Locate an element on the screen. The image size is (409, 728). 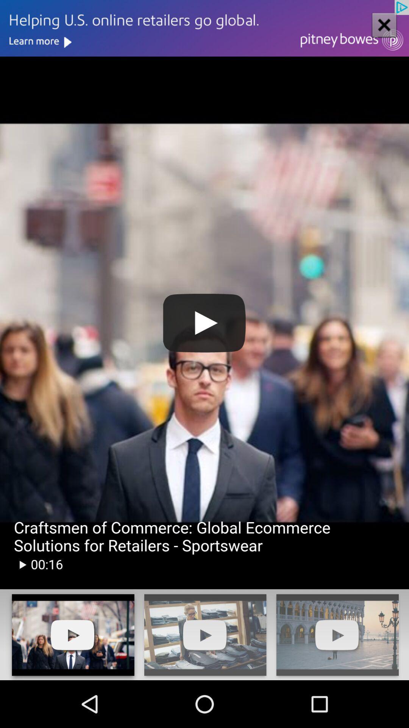
the close icon is located at coordinates (384, 27).